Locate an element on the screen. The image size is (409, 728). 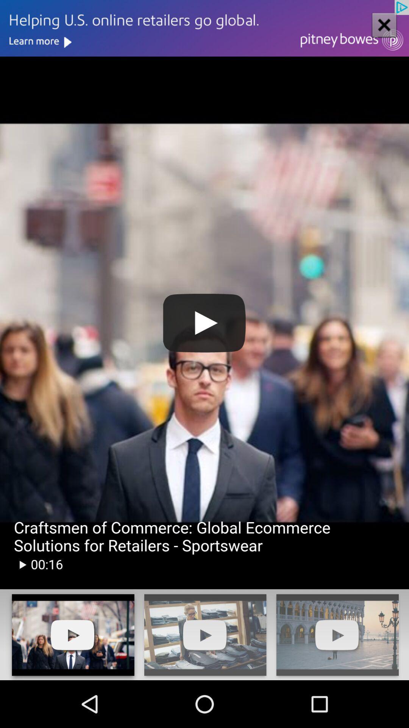
the close icon is located at coordinates (384, 27).